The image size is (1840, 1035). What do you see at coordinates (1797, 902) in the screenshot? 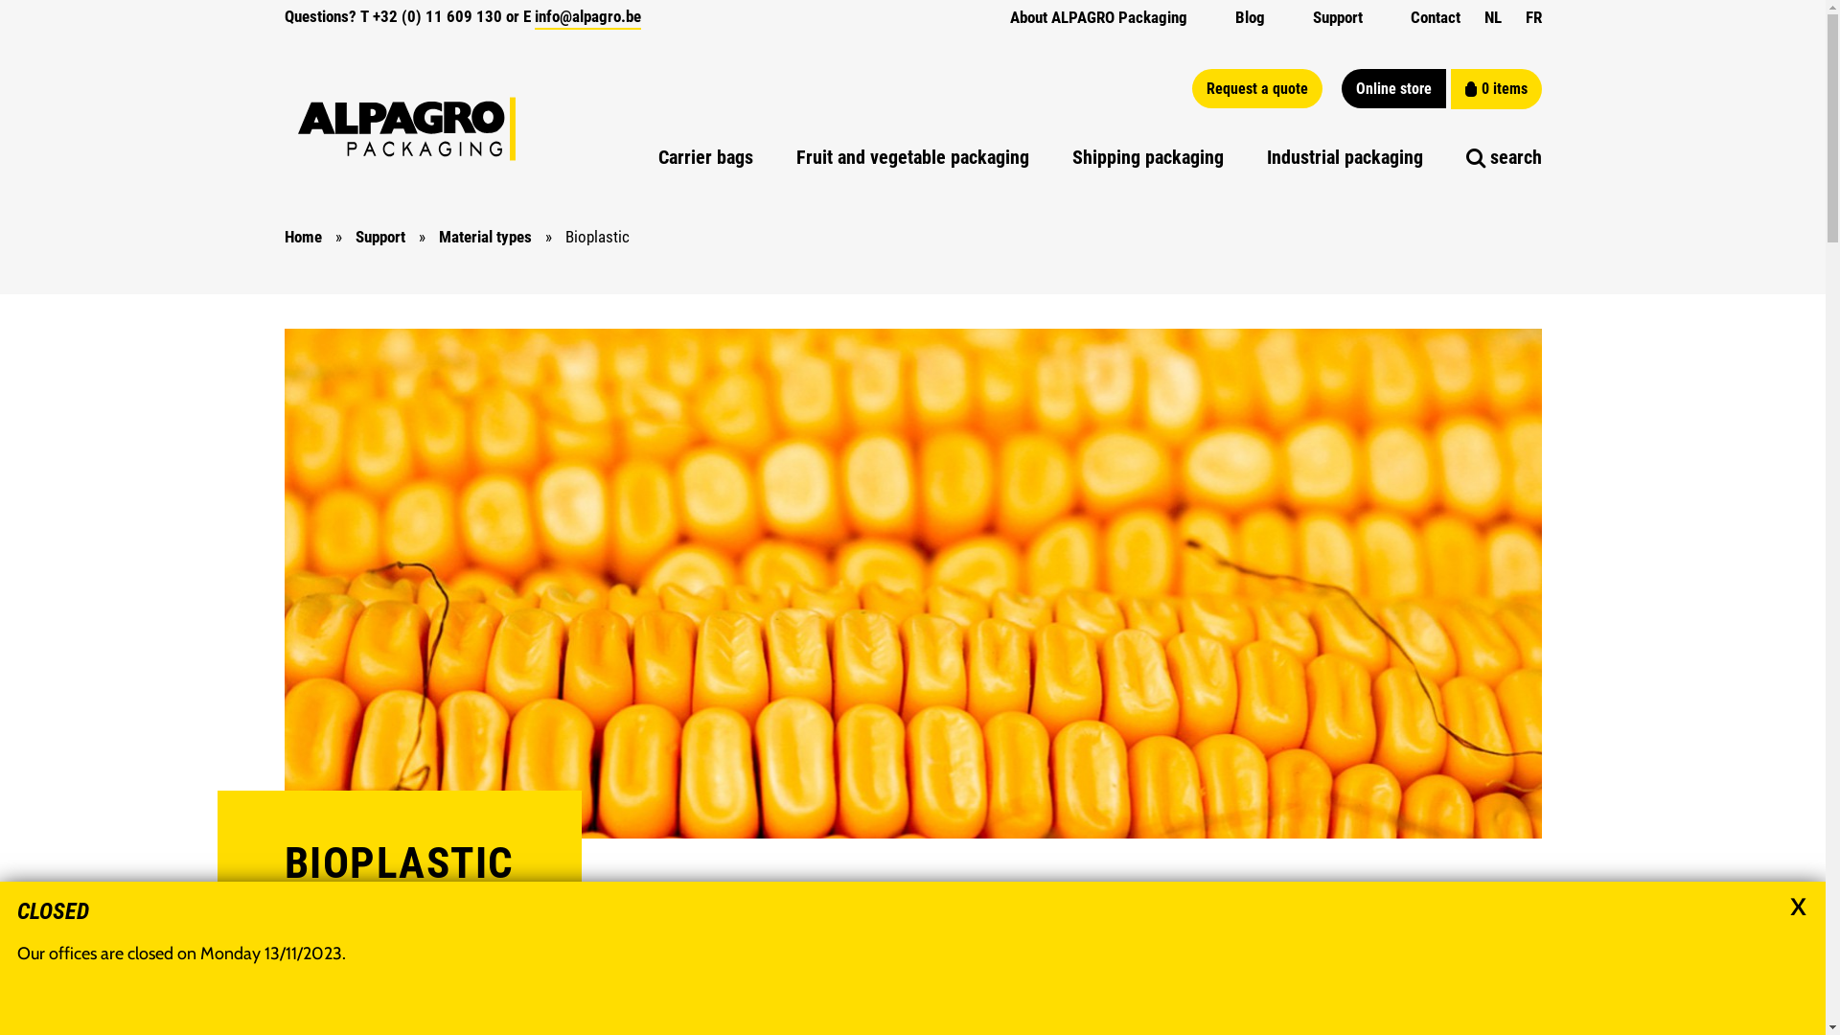
I see `'x'` at bounding box center [1797, 902].